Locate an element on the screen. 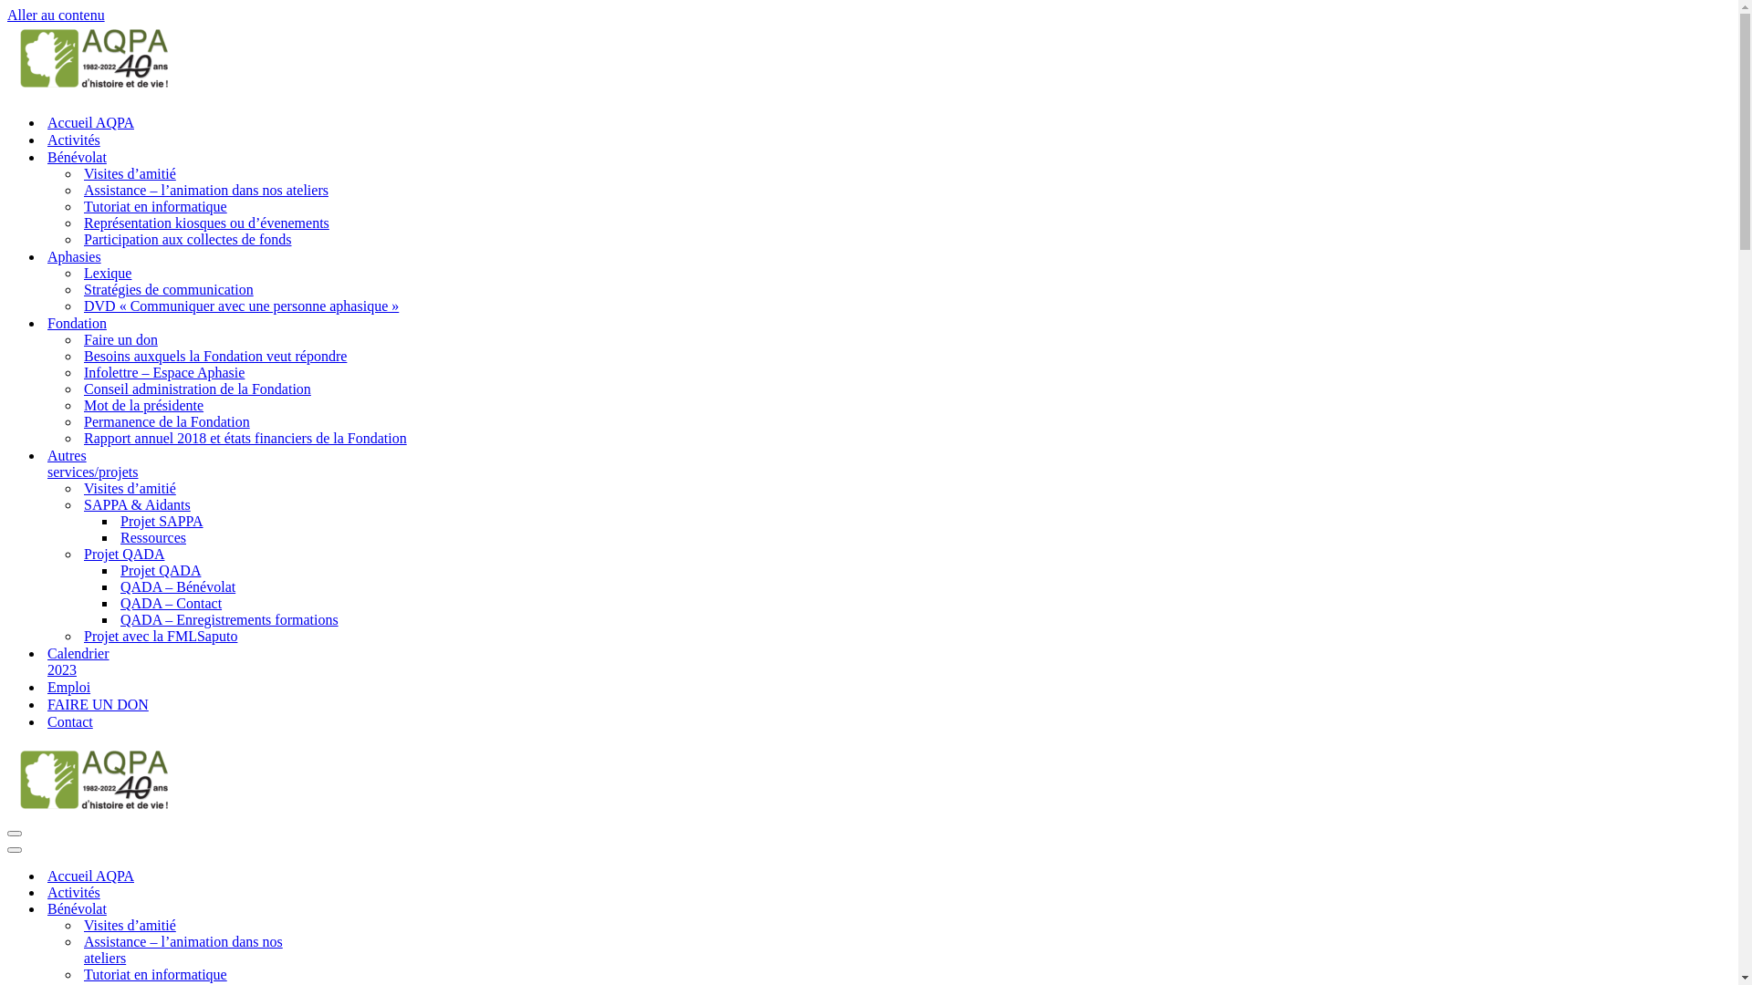  'Conseil administration de la Fondation' is located at coordinates (82, 389).